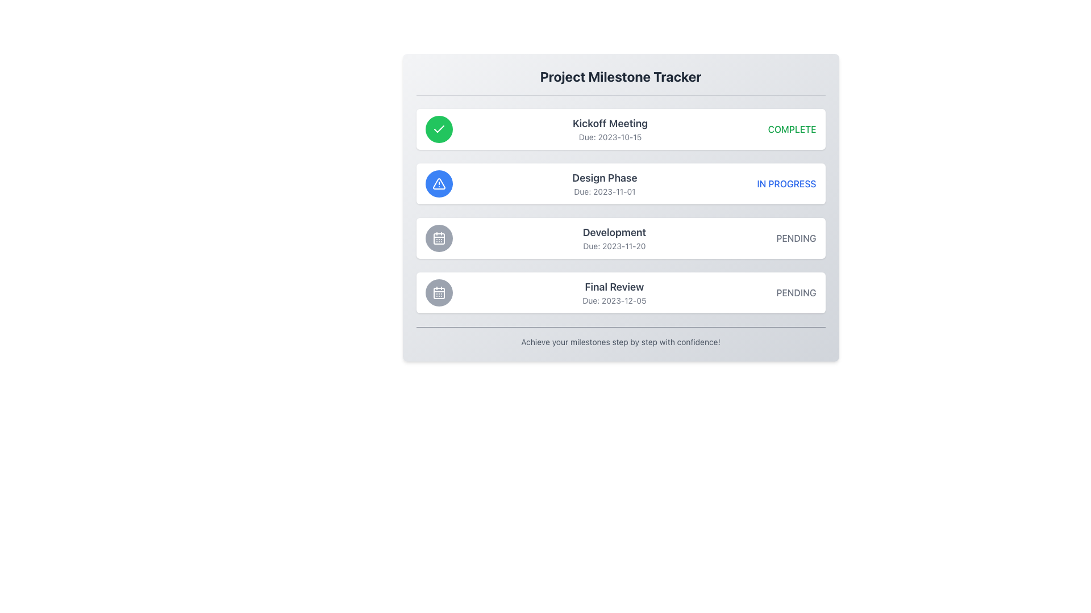 The image size is (1091, 613). Describe the element at coordinates (620, 183) in the screenshot. I see `the 'Design Phase' milestone list item which includes an icon, title, and status text, located in the 'Project Milestone Tracker'` at that location.